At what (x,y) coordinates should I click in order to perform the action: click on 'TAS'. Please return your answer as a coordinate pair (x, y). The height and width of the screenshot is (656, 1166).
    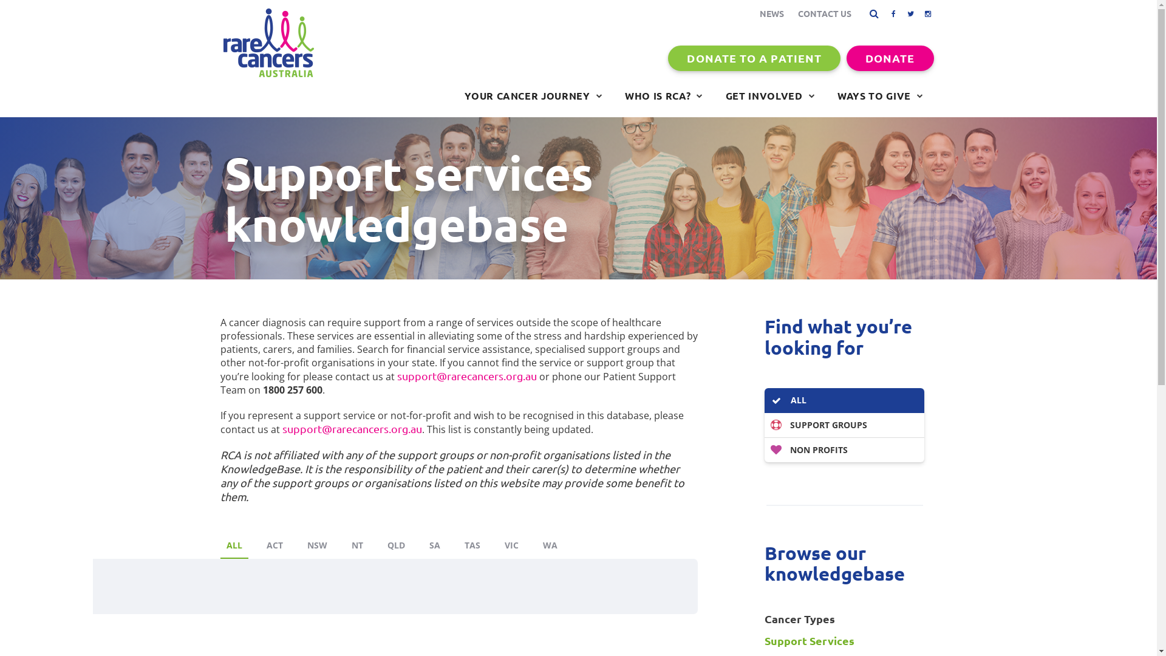
    Looking at the image, I should click on (471, 545).